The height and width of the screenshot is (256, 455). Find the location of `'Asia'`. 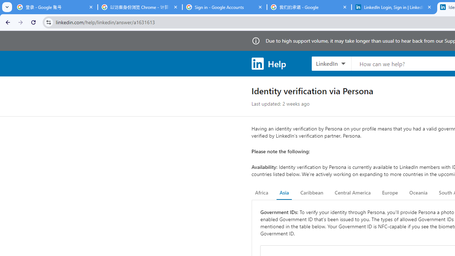

'Asia' is located at coordinates (284, 193).